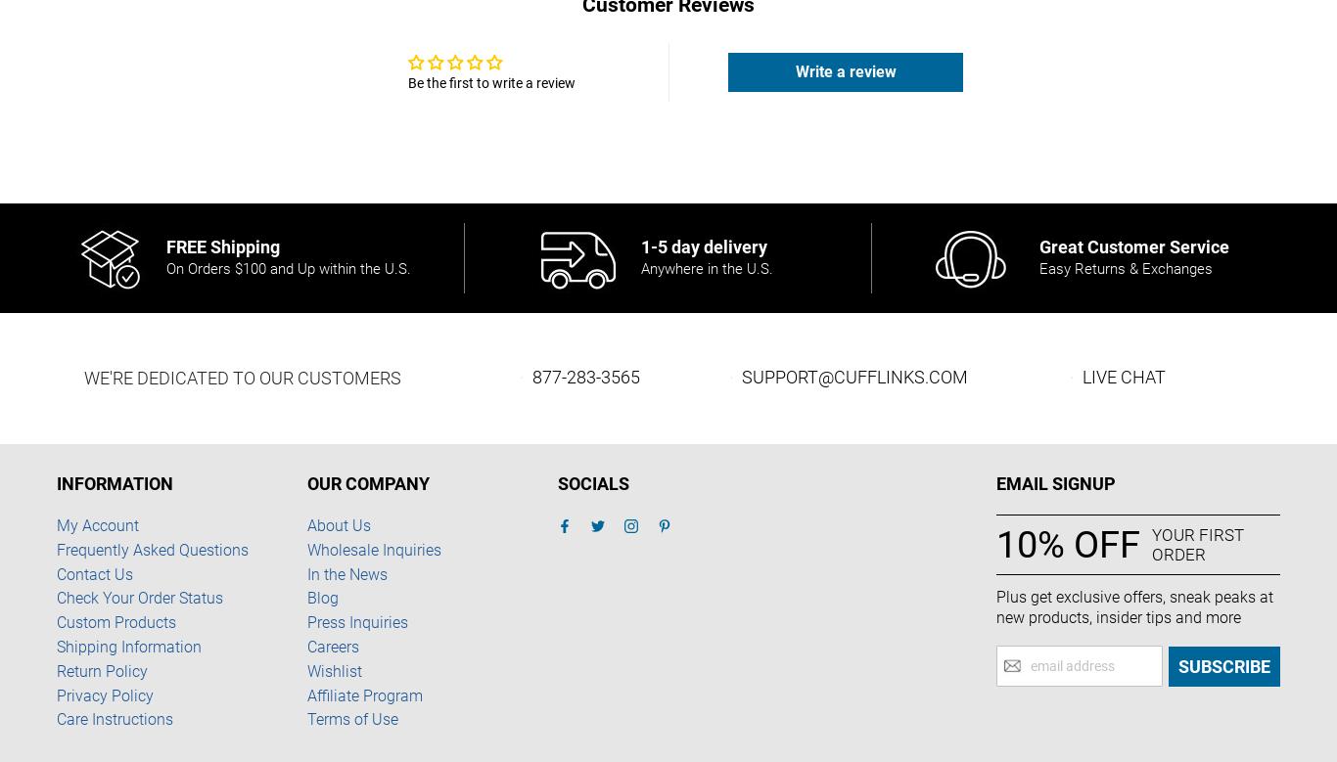 The width and height of the screenshot is (1337, 762). I want to click on 'Terms of Use', so click(351, 718).